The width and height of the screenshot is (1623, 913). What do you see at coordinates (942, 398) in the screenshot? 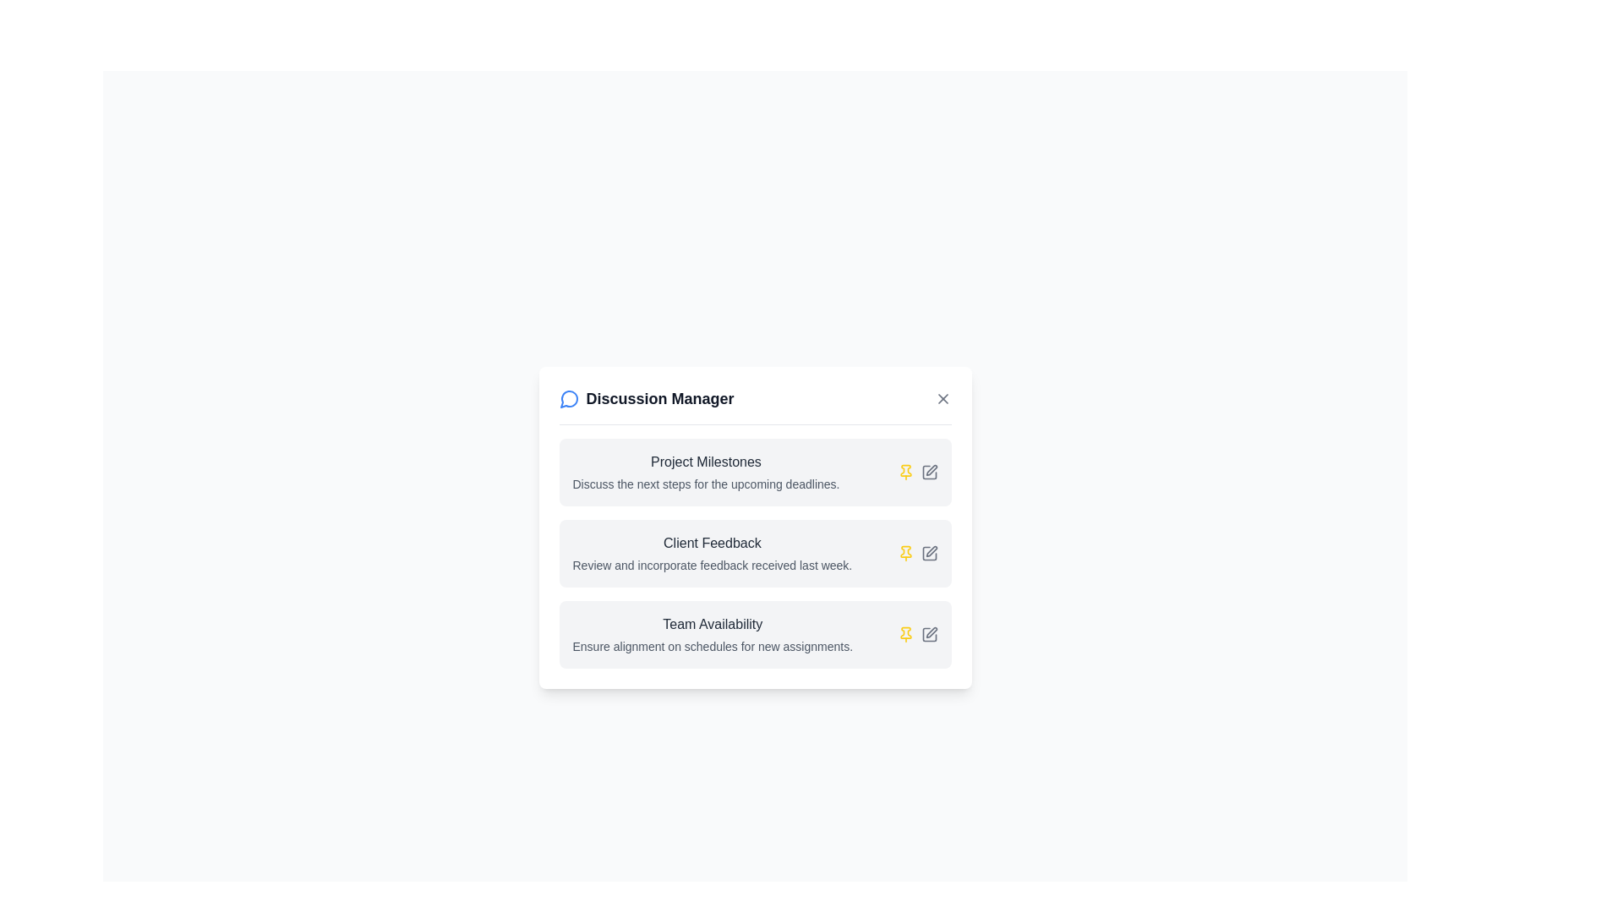
I see `the 'X' icon in the top-right corner of the 'Discussion Manager' module` at bounding box center [942, 398].